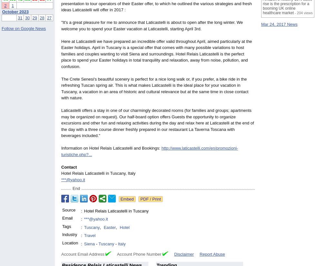 The image size is (316, 266). What do you see at coordinates (111, 254) in the screenshot?
I see `'Account Phone Number'` at bounding box center [111, 254].